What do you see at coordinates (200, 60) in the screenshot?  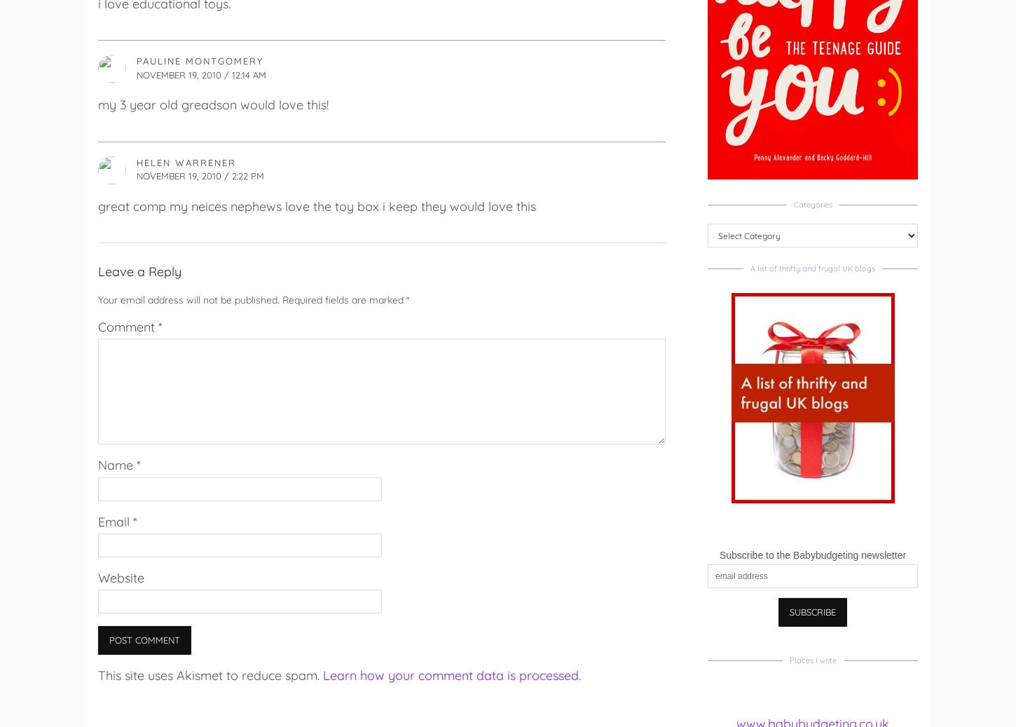 I see `'pauline montgomery'` at bounding box center [200, 60].